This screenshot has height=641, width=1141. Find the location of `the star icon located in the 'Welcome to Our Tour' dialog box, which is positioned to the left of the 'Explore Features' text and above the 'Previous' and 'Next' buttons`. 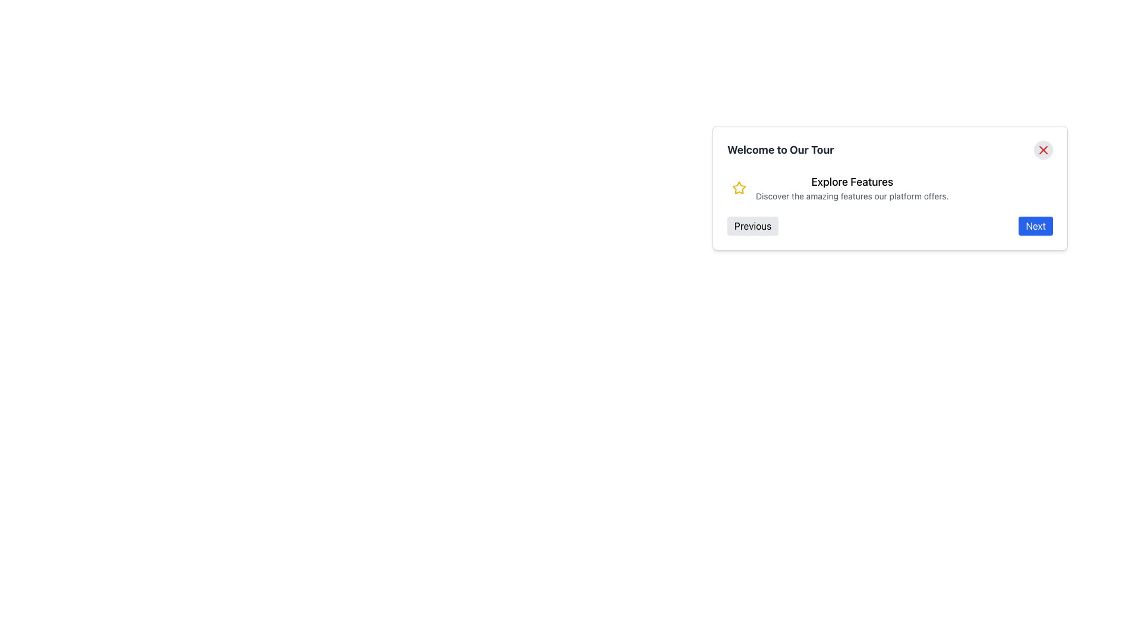

the star icon located in the 'Welcome to Our Tour' dialog box, which is positioned to the left of the 'Explore Features' text and above the 'Previous' and 'Next' buttons is located at coordinates (738, 187).